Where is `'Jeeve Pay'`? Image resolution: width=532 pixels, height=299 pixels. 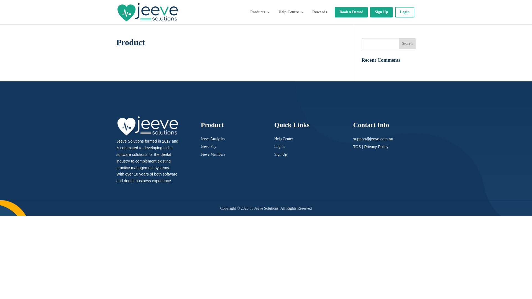
'Jeeve Pay' is located at coordinates (208, 146).